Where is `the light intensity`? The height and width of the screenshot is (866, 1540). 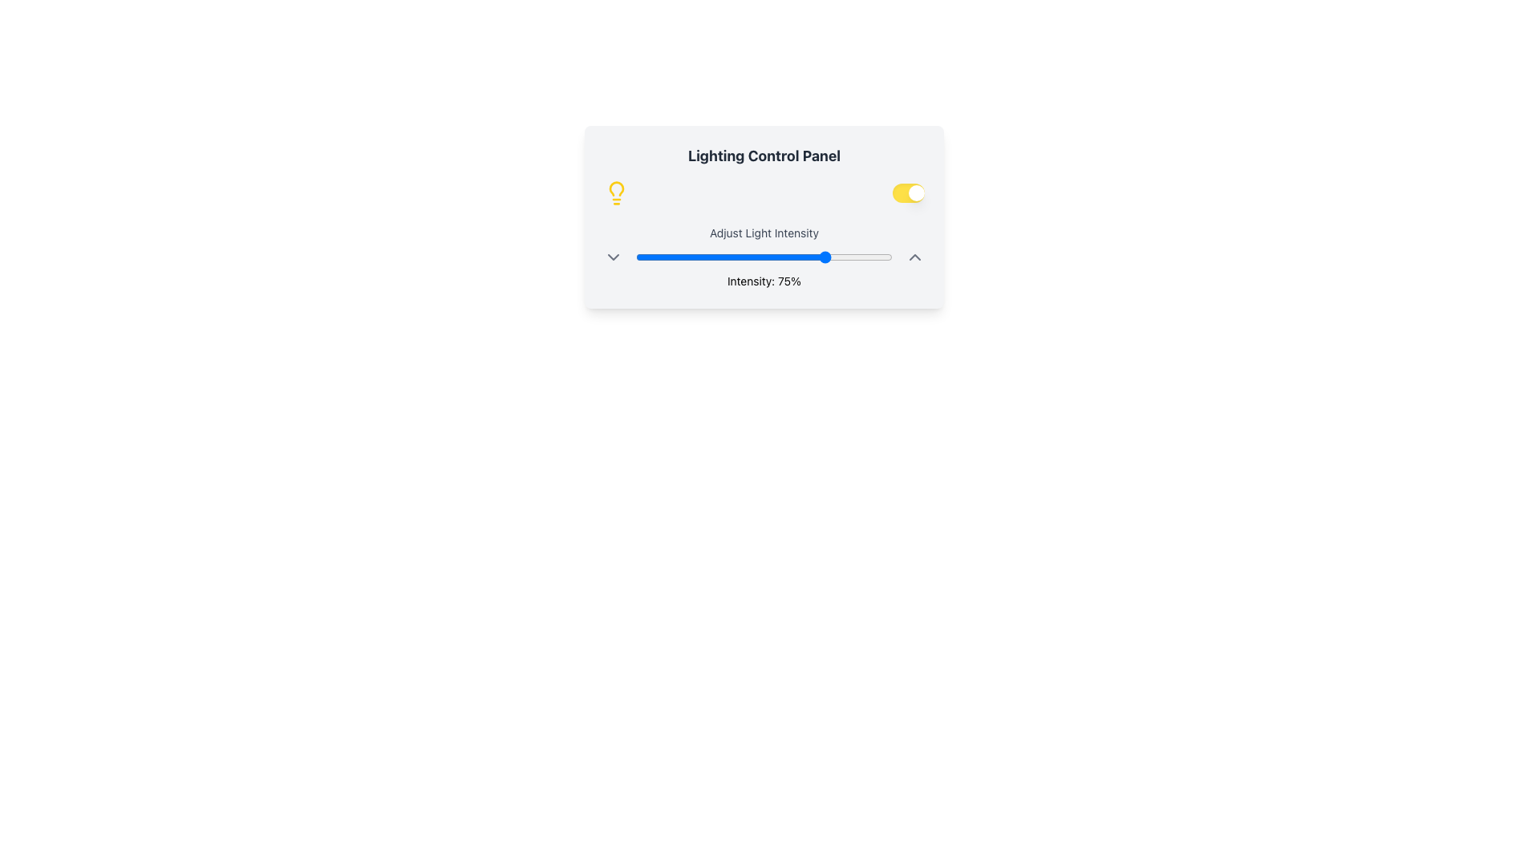
the light intensity is located at coordinates (679, 256).